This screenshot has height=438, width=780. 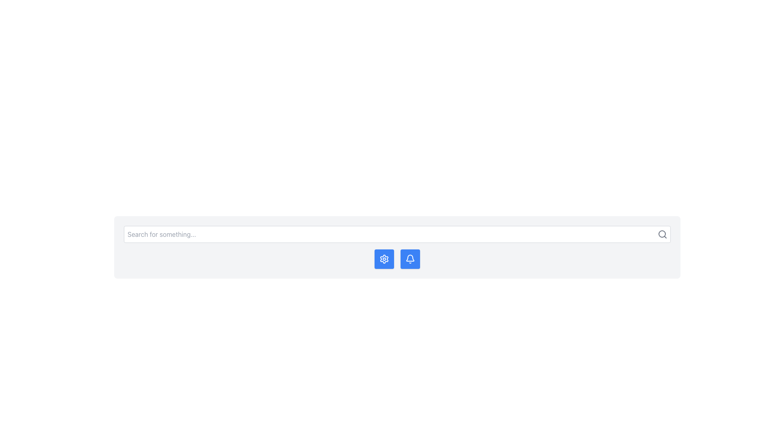 What do you see at coordinates (410, 258) in the screenshot?
I see `the bell icon, which is the rightmost graphical icon below the search bar, styled in a minimalist design with a hollow interior and curved base` at bounding box center [410, 258].